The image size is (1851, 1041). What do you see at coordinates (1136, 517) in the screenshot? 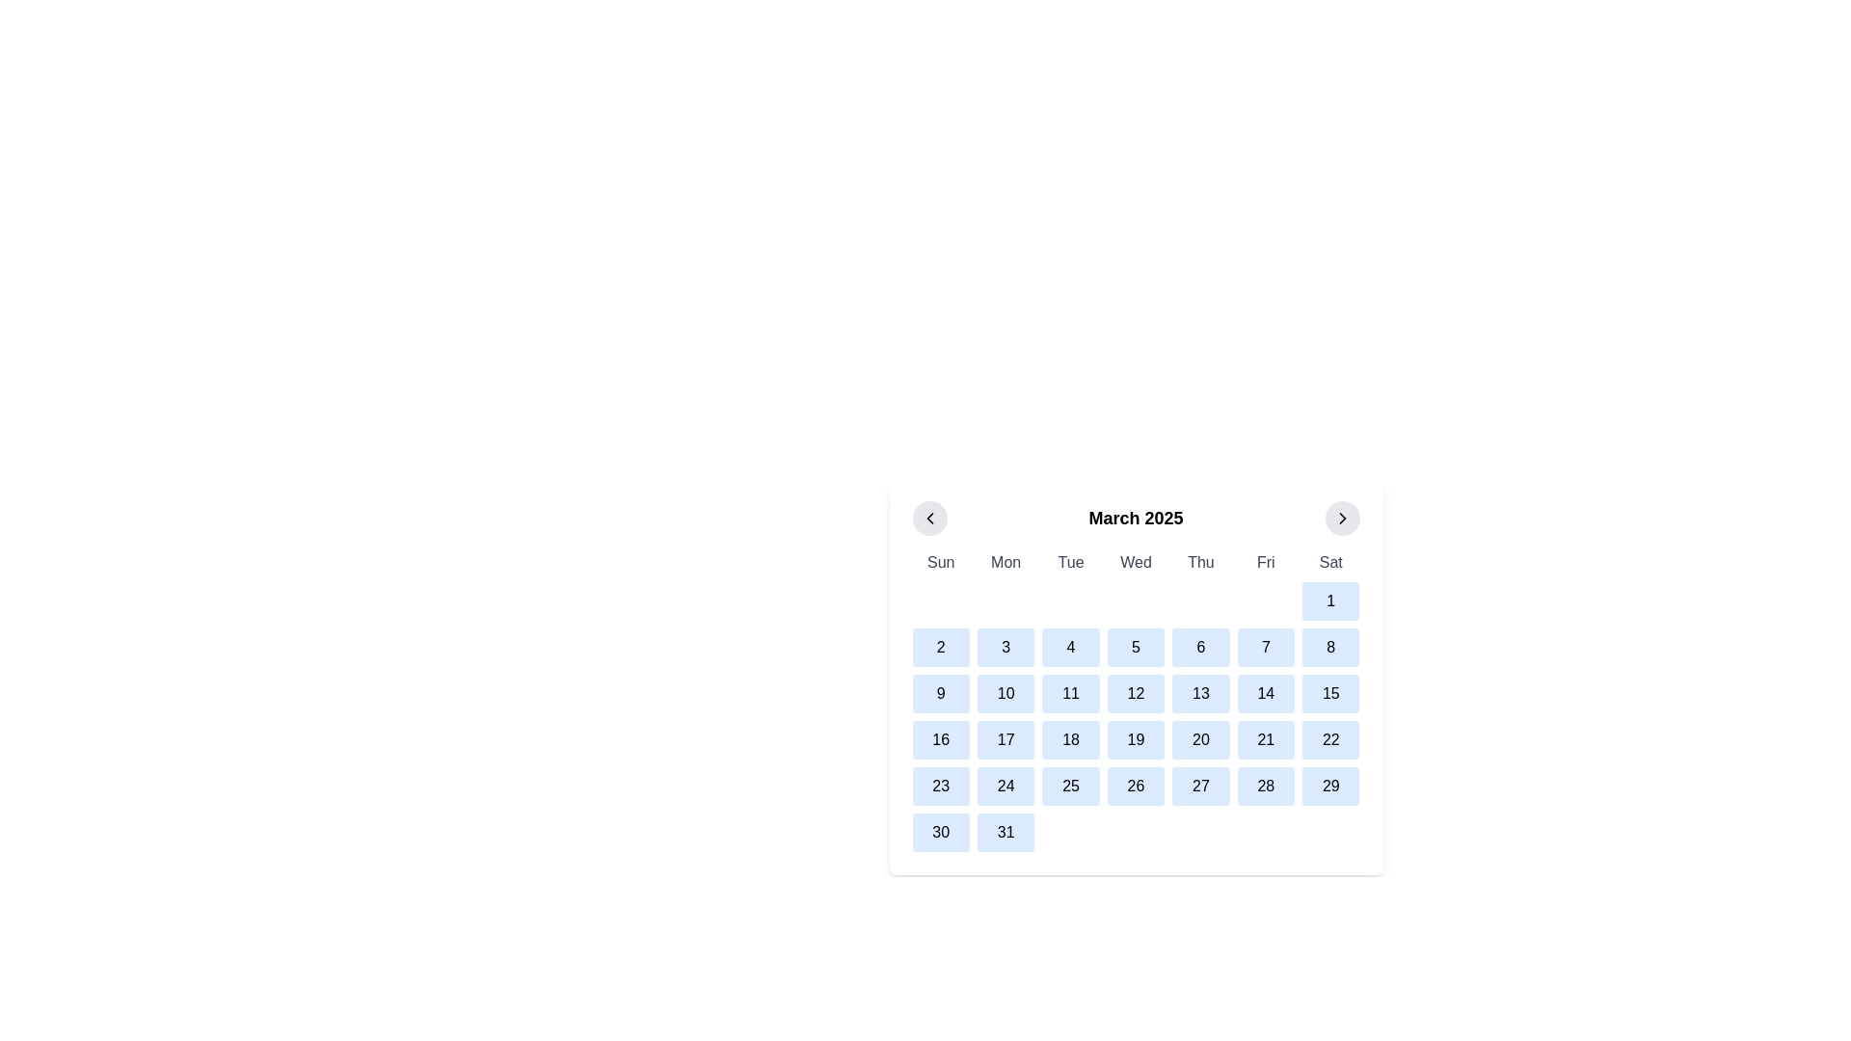
I see `the Text display that shows the current month and year in the calendar, located at the top of the calendar interface, between the left and right arrow icons` at bounding box center [1136, 517].